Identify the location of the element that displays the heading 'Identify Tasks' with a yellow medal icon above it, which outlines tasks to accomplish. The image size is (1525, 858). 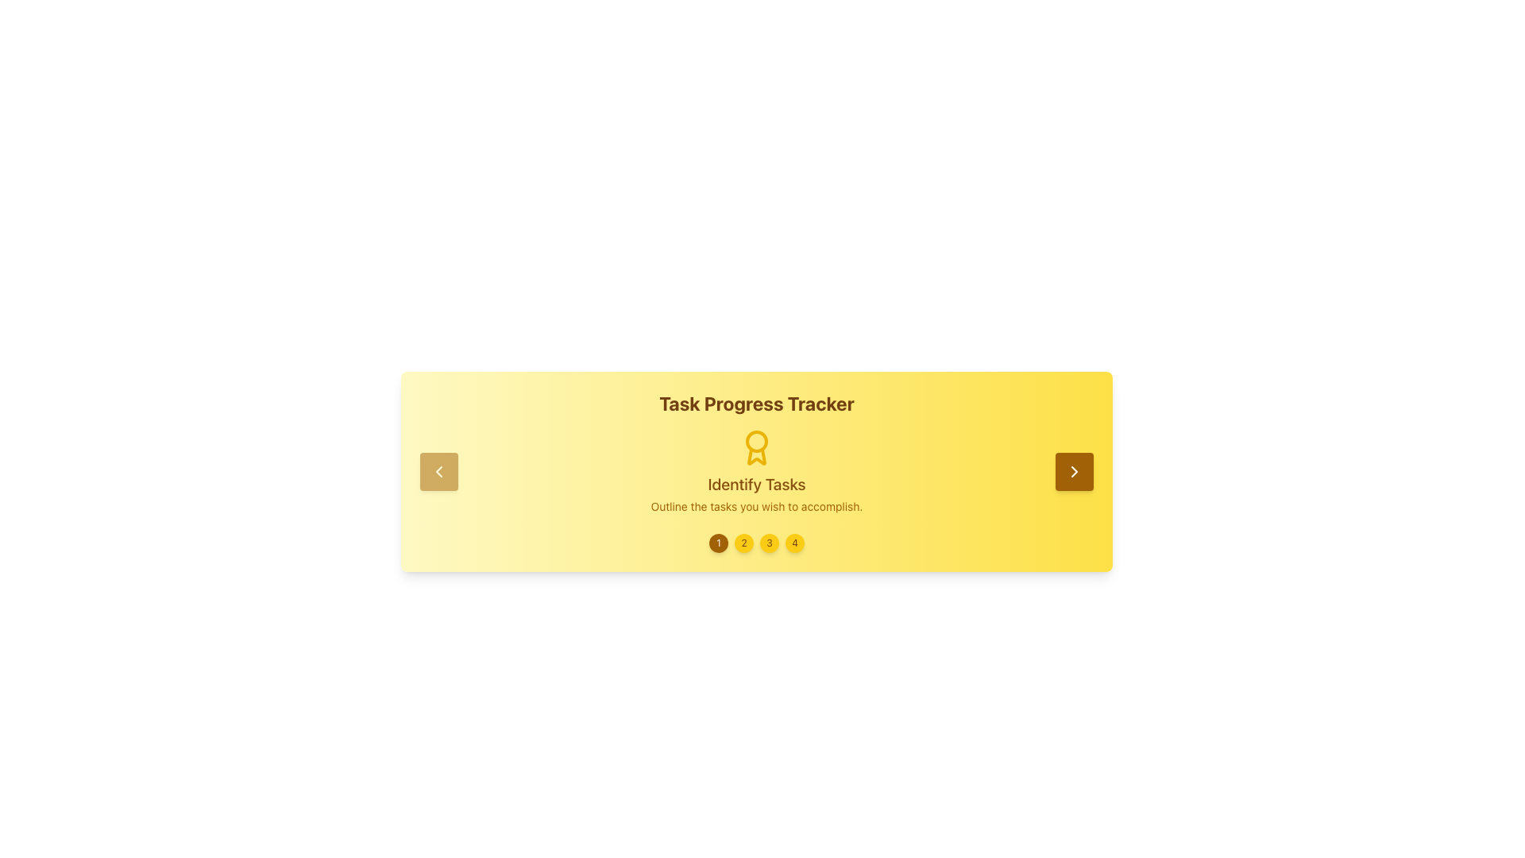
(756, 471).